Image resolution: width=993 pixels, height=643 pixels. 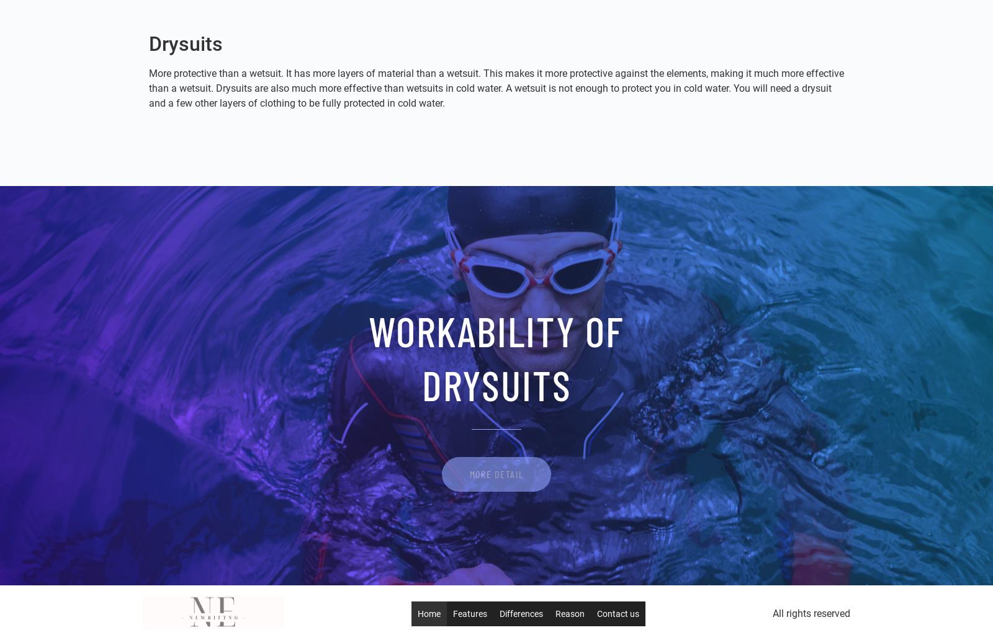 What do you see at coordinates (470, 614) in the screenshot?
I see `'Features'` at bounding box center [470, 614].